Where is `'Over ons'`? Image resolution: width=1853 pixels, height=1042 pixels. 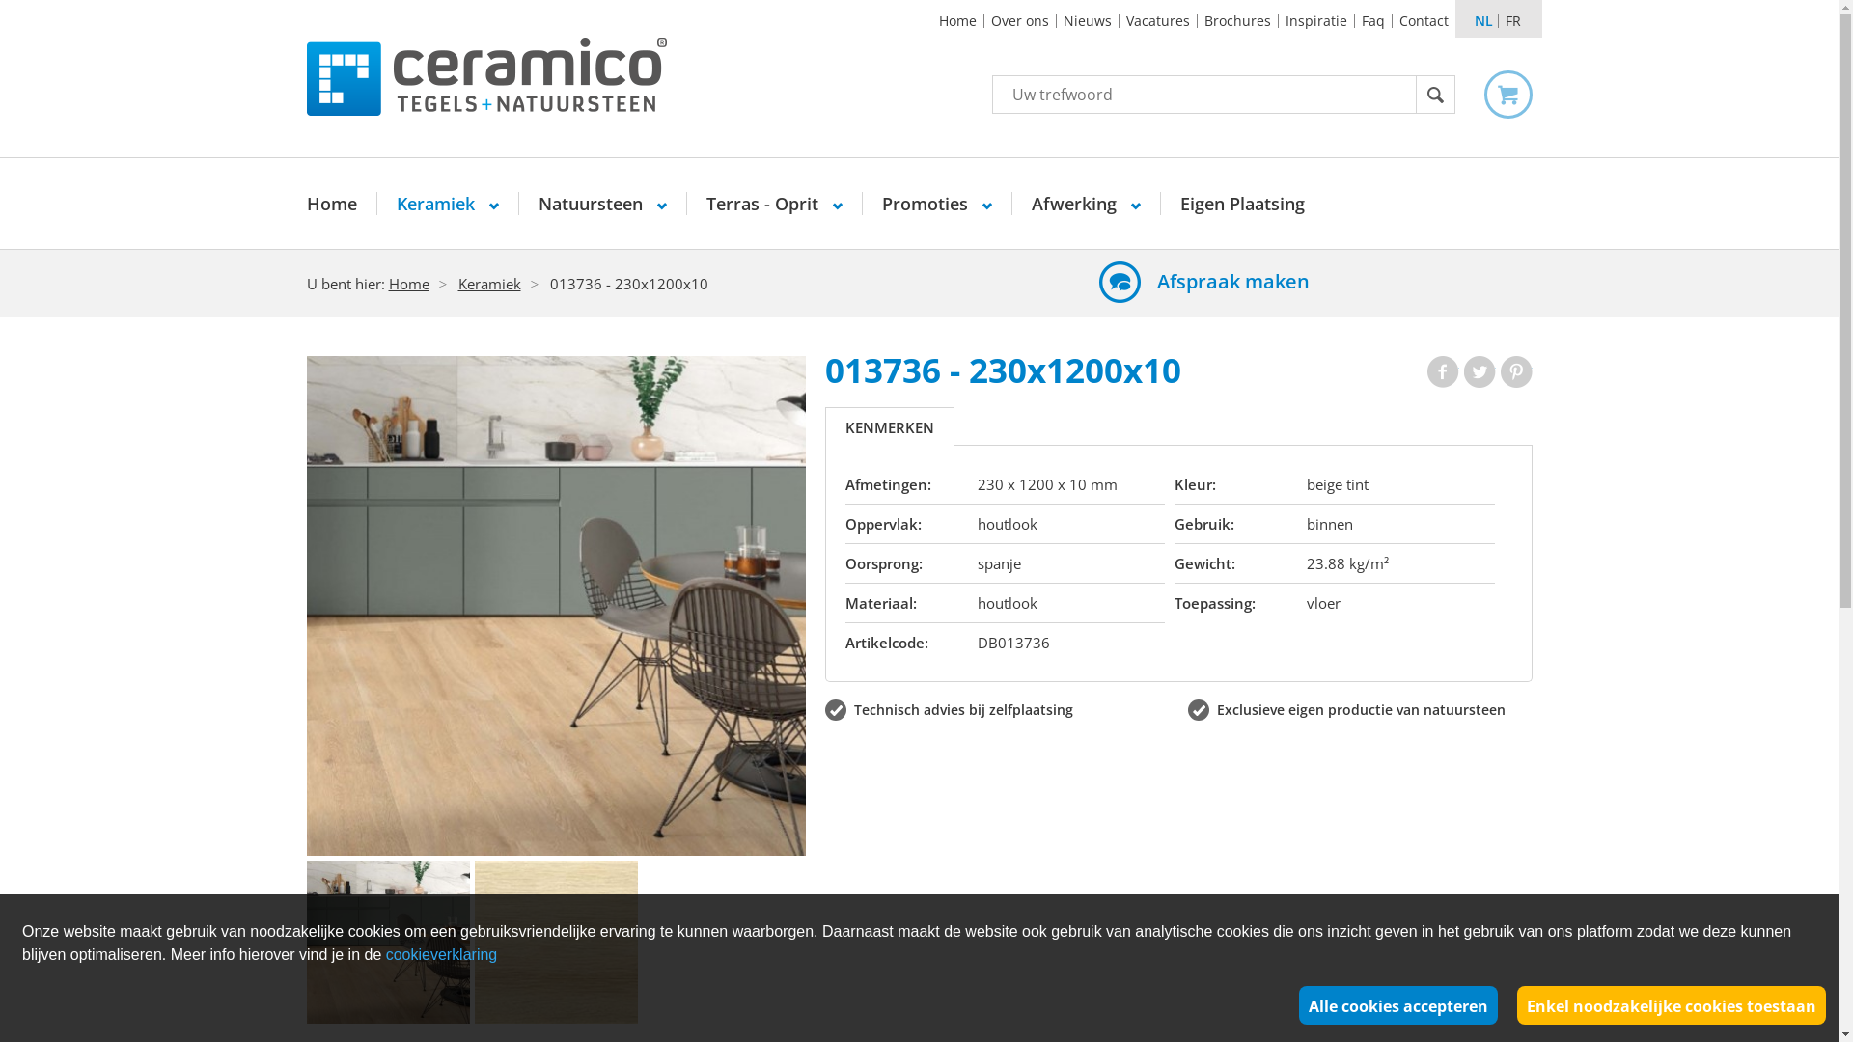
'Over ons' is located at coordinates (1018, 20).